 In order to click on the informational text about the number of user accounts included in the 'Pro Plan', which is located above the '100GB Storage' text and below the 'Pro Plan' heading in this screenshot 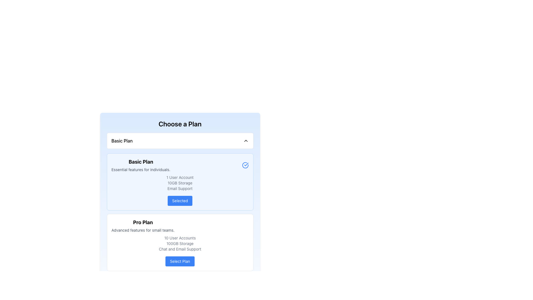, I will do `click(180, 237)`.